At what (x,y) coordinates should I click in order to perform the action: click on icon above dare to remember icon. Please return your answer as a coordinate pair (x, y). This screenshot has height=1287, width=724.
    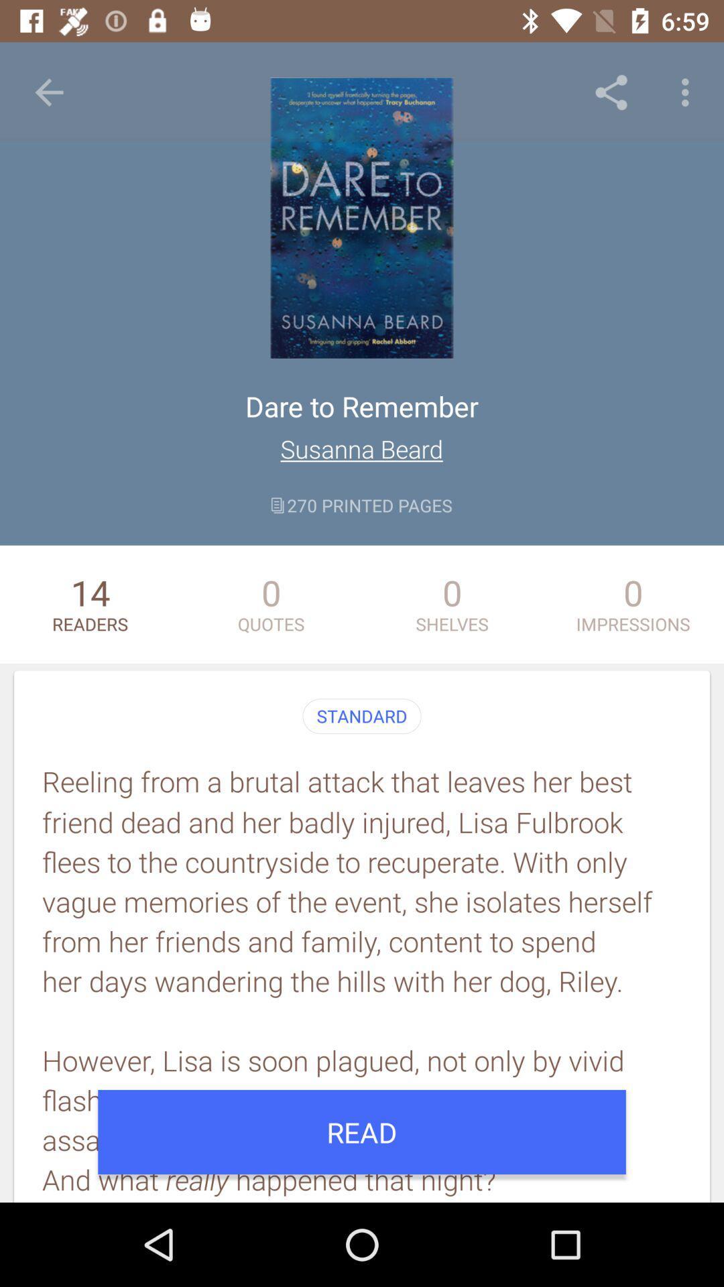
    Looking at the image, I should click on (611, 92).